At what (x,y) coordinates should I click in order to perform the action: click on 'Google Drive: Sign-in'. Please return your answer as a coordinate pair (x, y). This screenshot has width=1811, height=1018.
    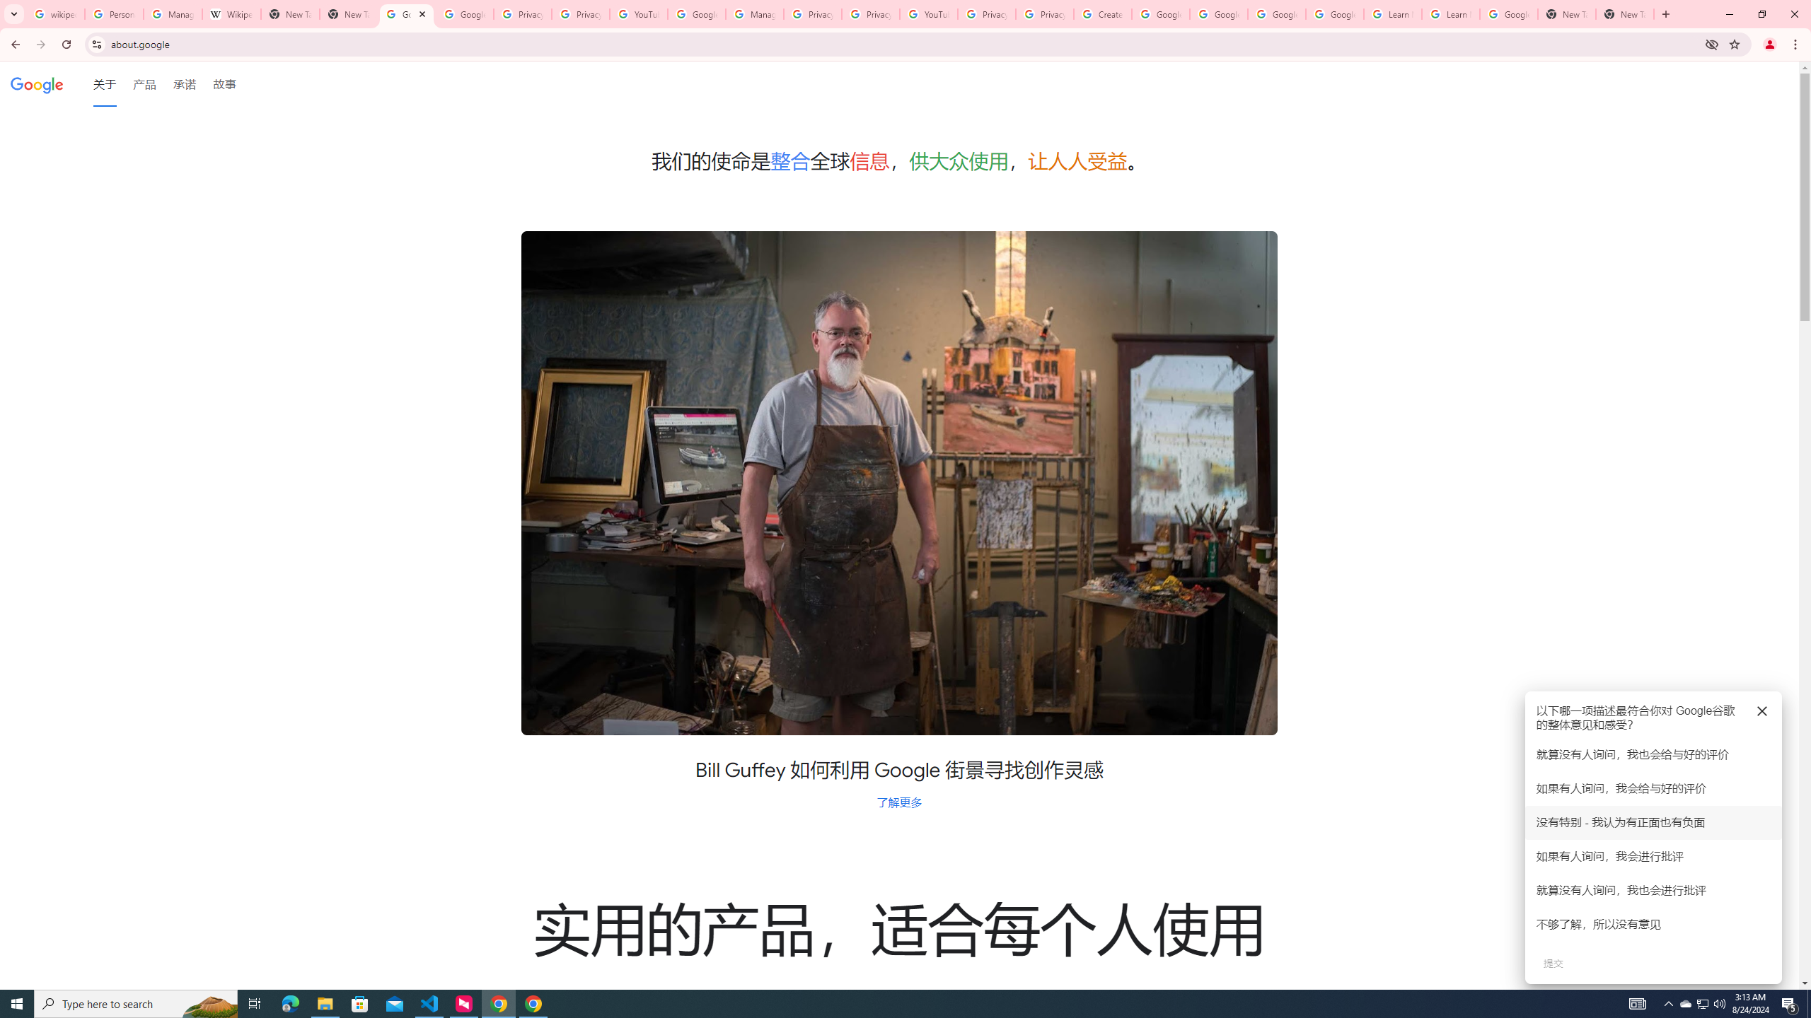
    Looking at the image, I should click on (464, 13).